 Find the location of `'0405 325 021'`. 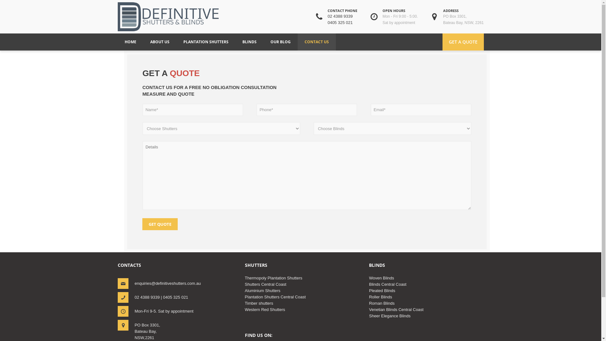

'0405 325 021' is located at coordinates (340, 22).